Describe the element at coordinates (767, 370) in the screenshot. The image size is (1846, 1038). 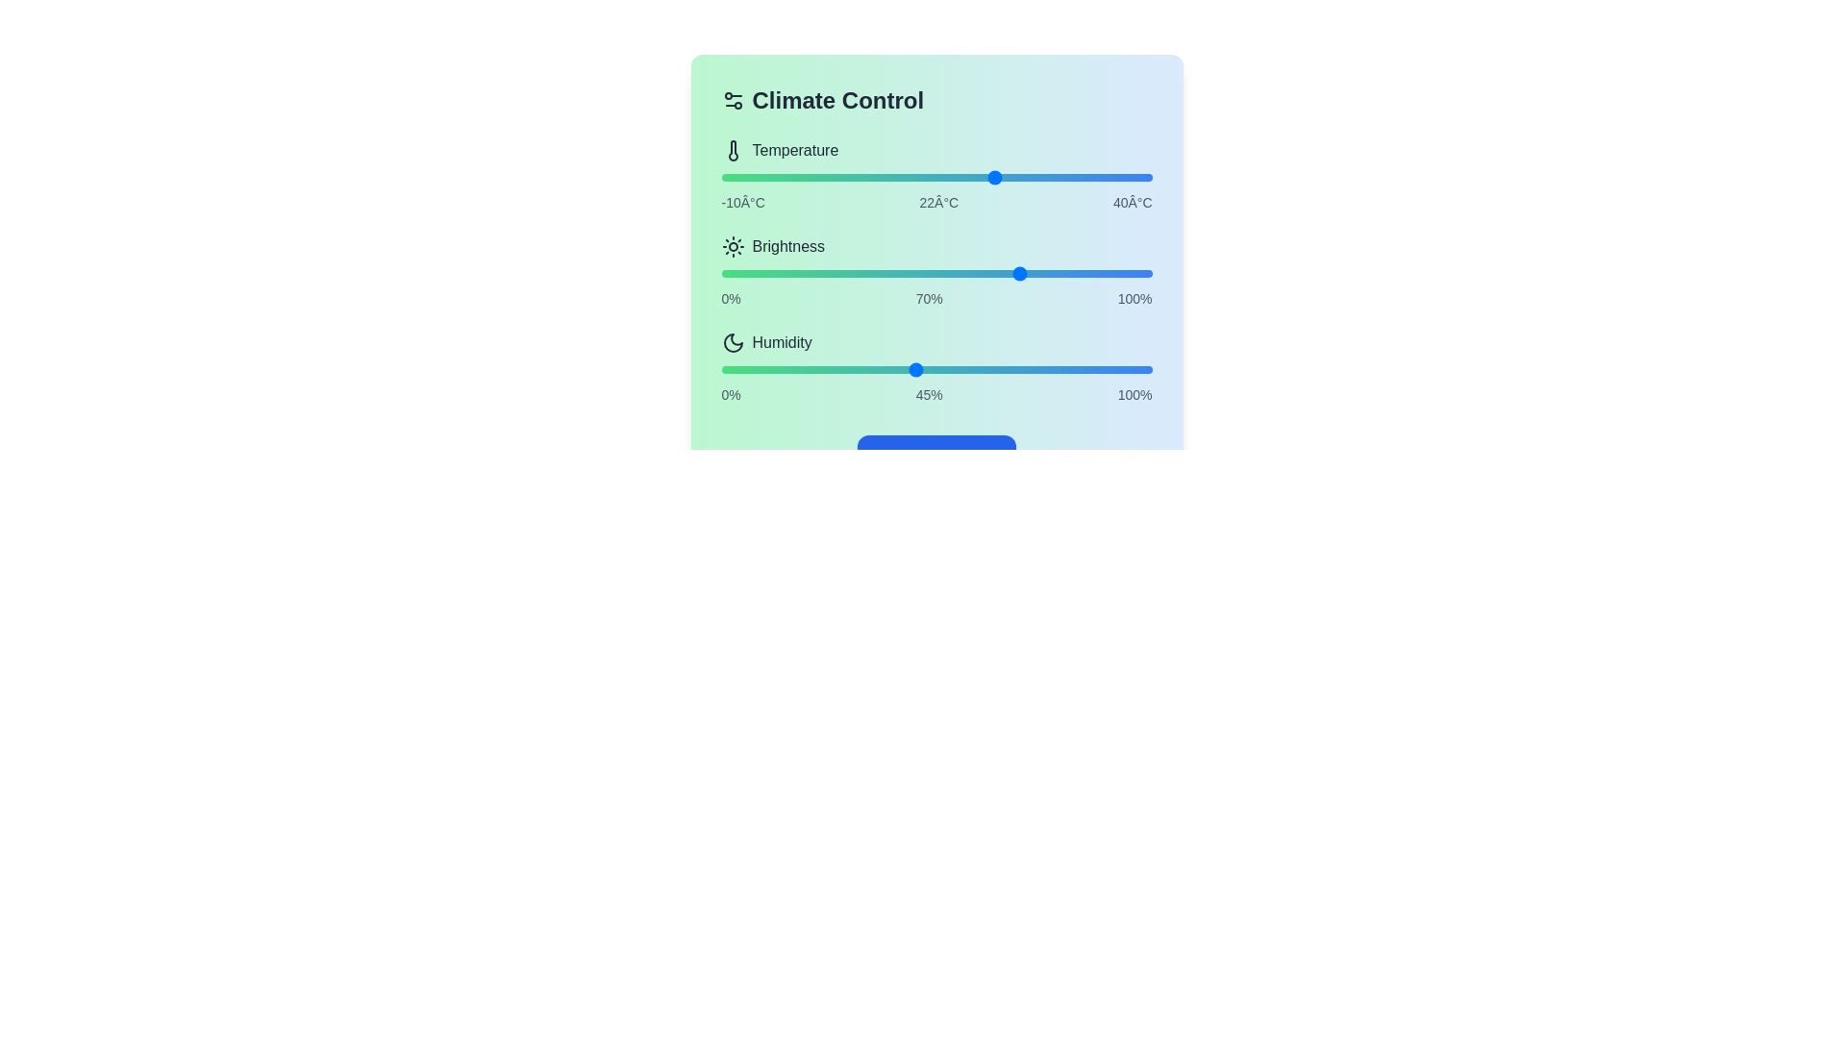
I see `the humidity` at that location.